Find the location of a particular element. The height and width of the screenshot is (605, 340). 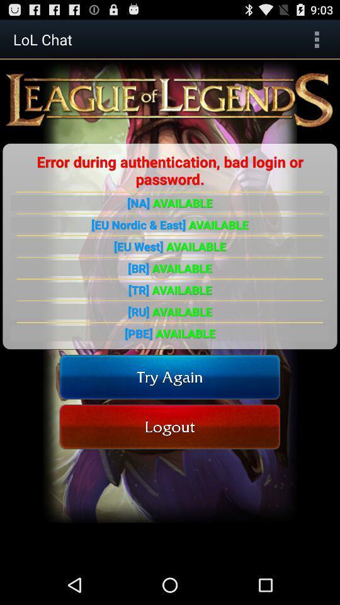

item next to lol chat icon is located at coordinates (316, 39).